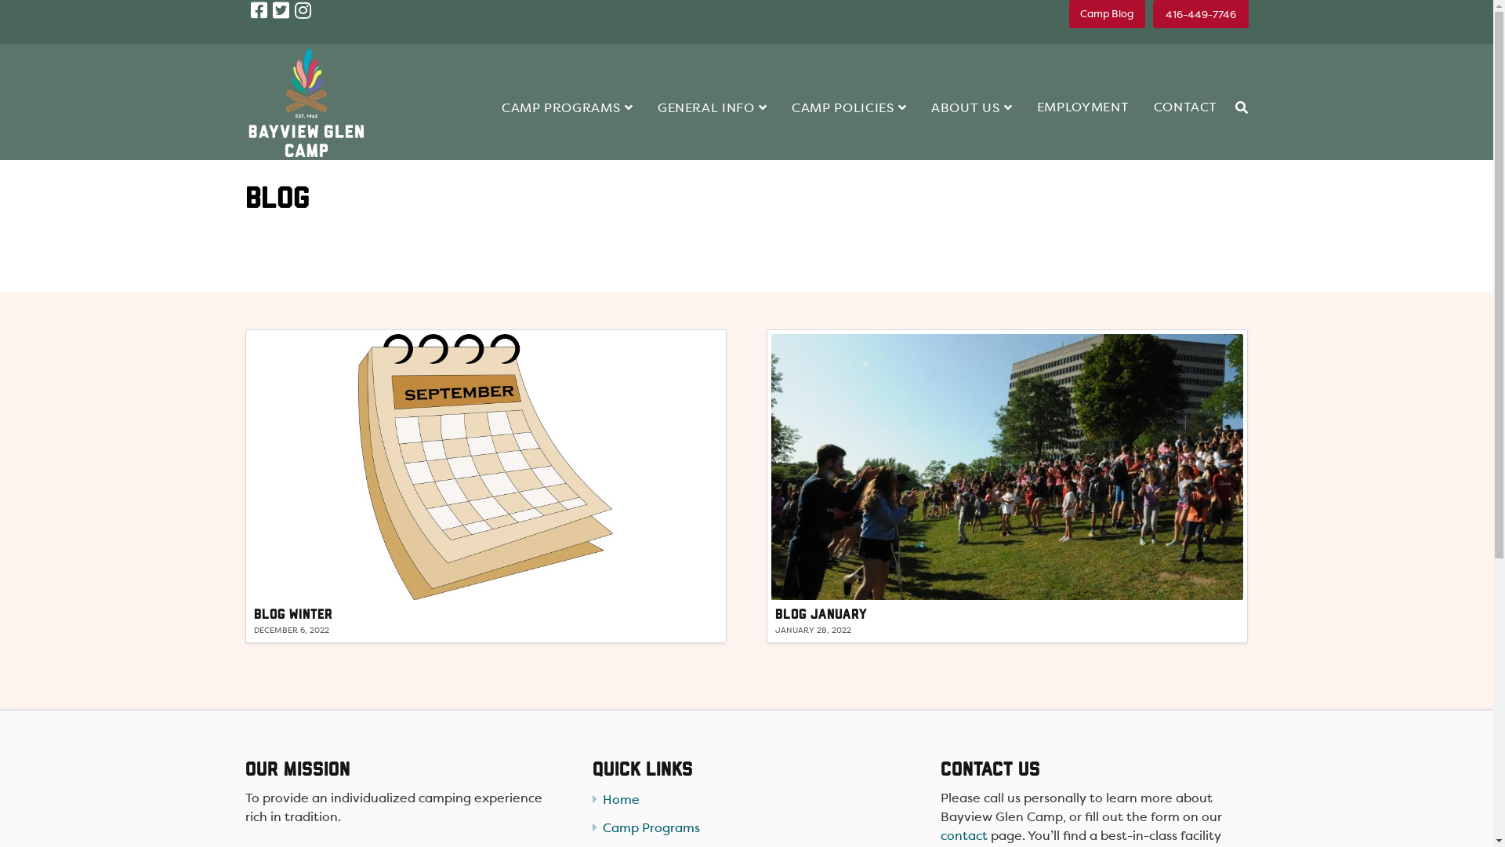 The width and height of the screenshot is (1505, 847). Describe the element at coordinates (500, 78) in the screenshot. I see `'CAMP PROGRAMS'` at that location.